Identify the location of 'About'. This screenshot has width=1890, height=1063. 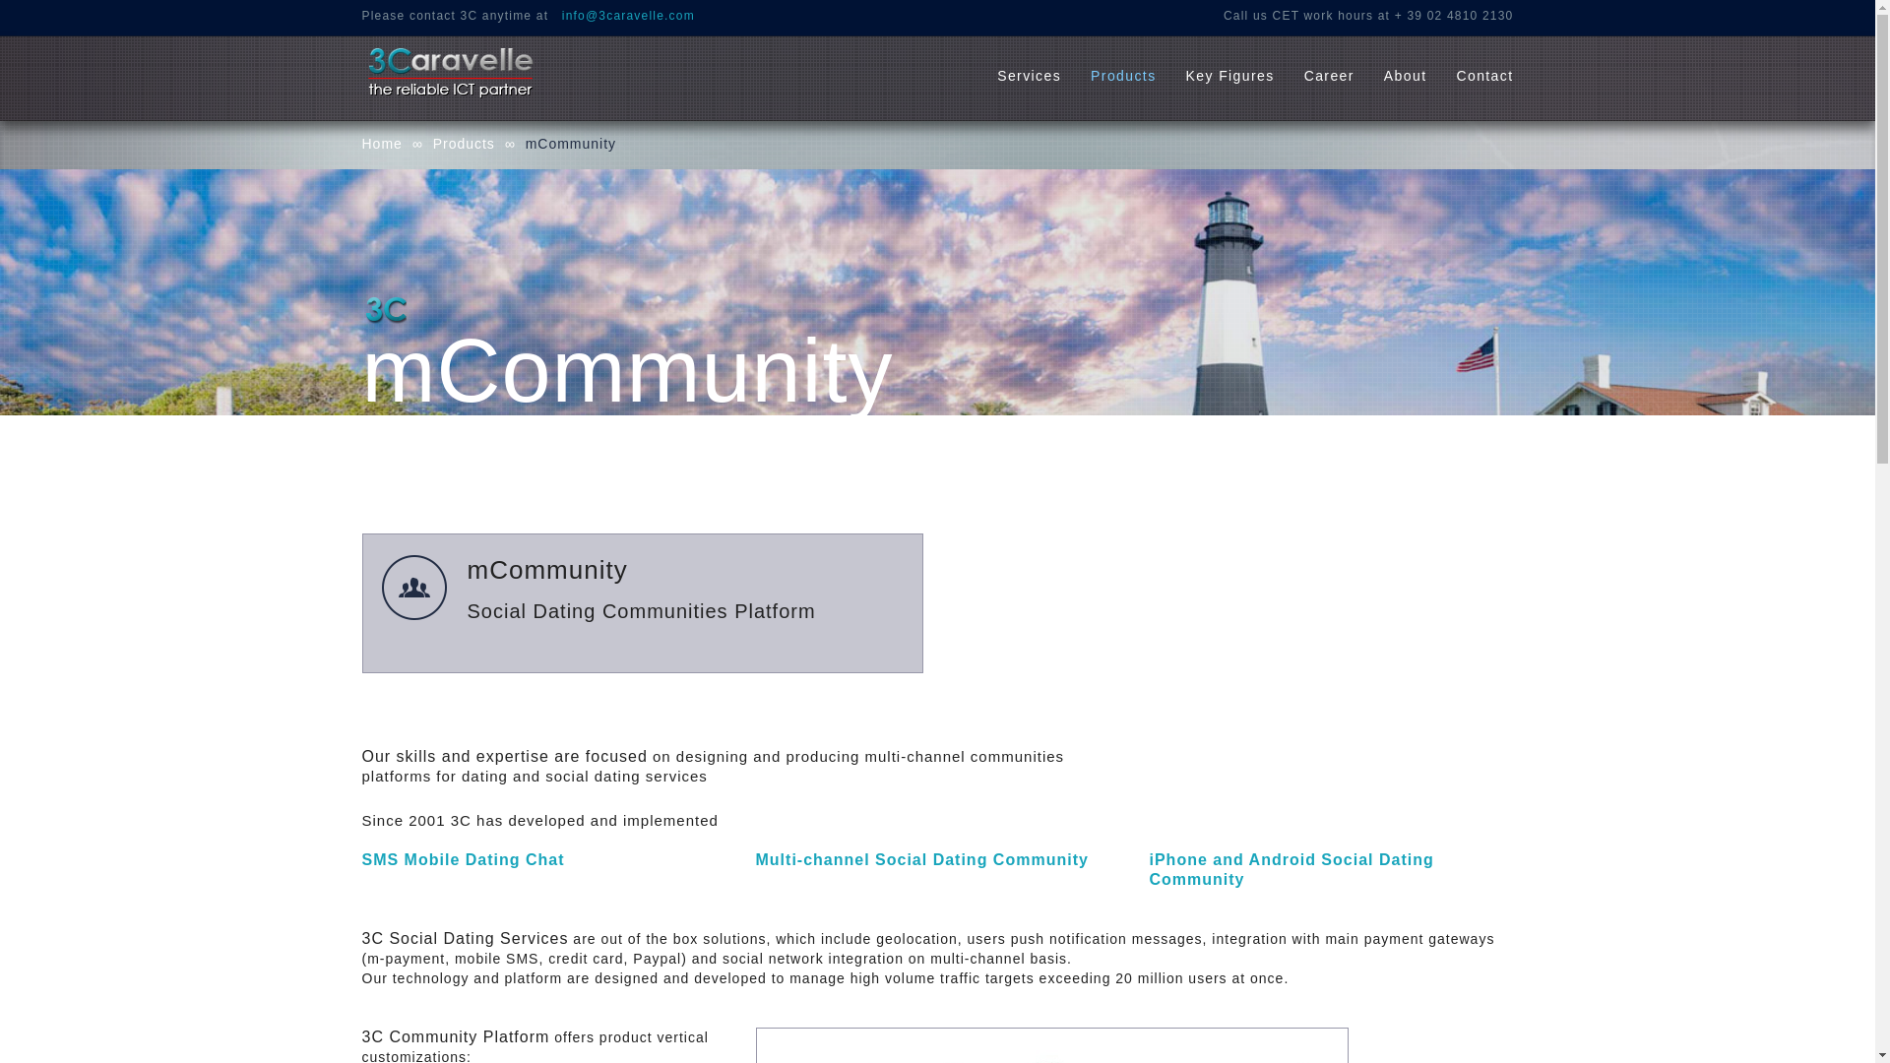
(1368, 74).